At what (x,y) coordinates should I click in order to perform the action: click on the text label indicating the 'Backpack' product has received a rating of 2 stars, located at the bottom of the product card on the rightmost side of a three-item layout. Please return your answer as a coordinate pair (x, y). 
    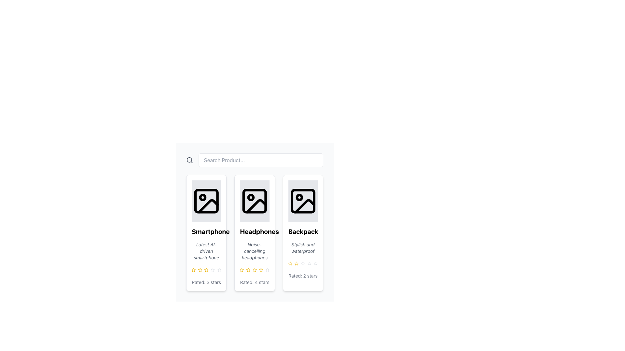
    Looking at the image, I should click on (302, 276).